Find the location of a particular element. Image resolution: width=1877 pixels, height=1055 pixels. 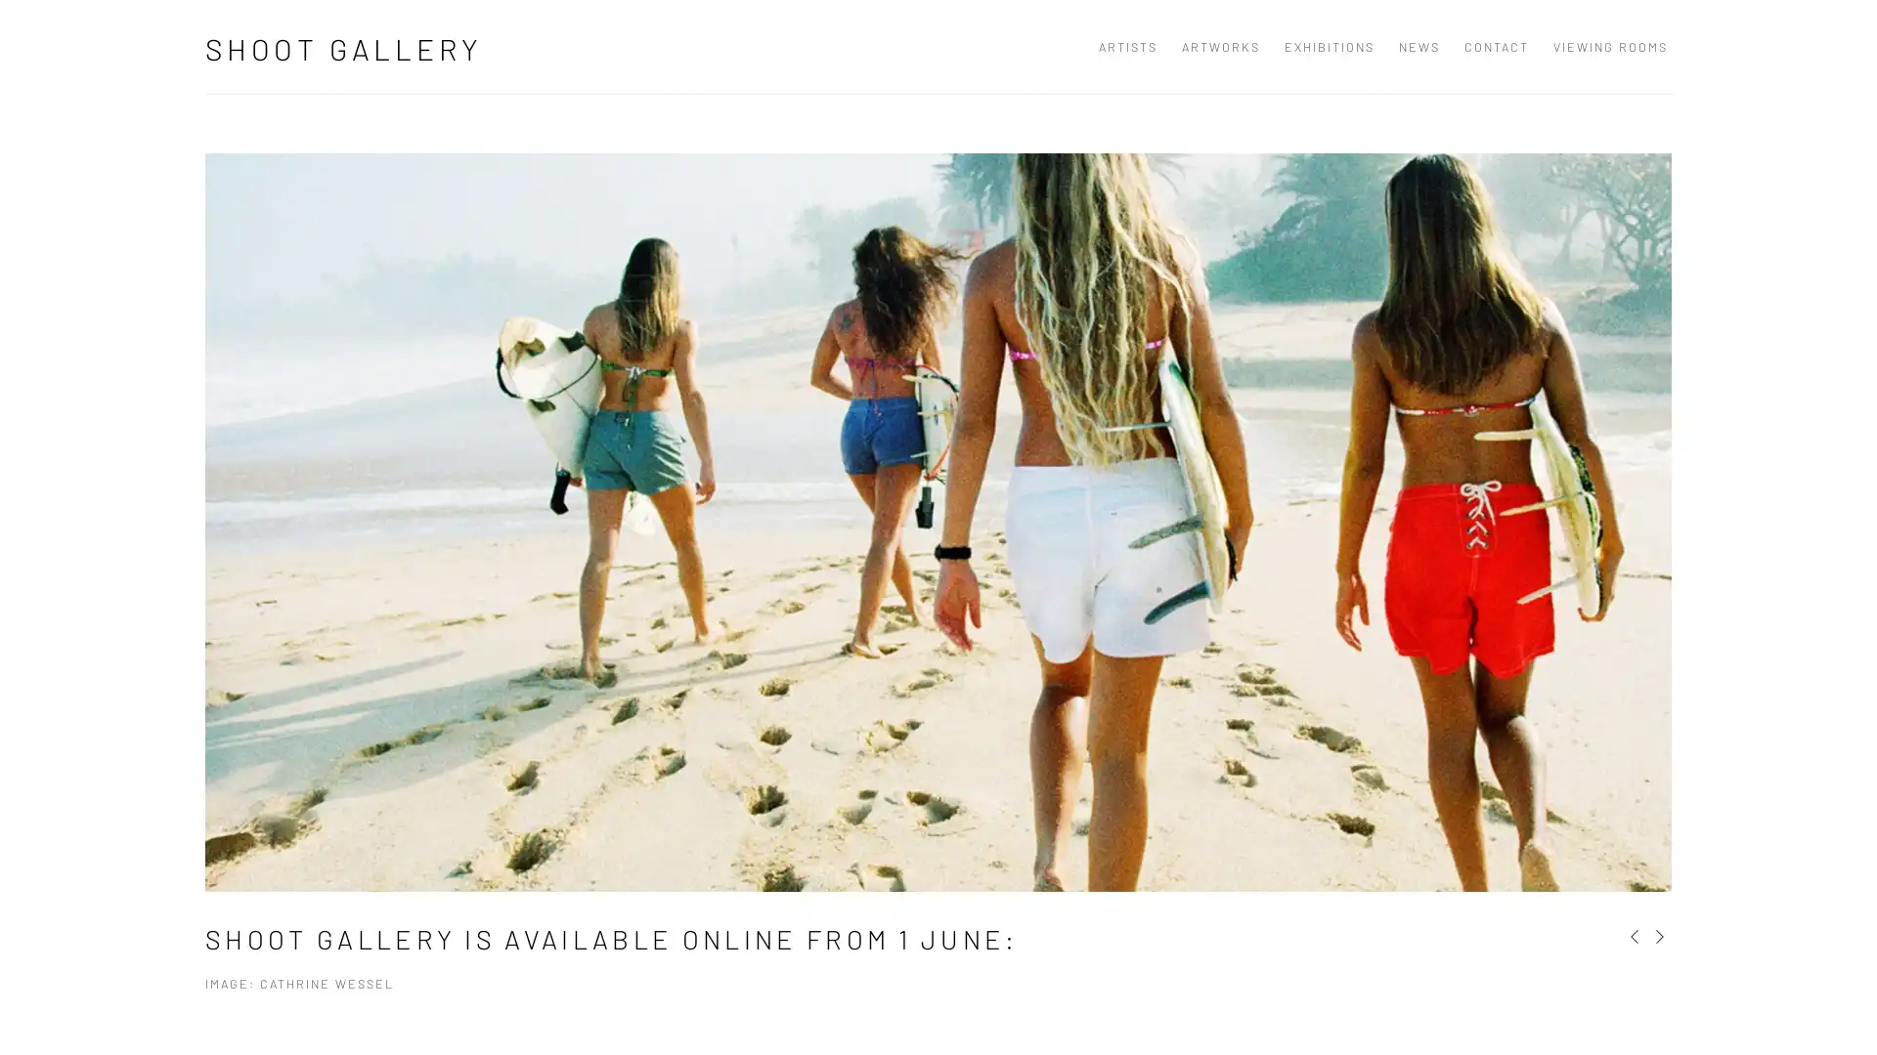

Next slide is located at coordinates (1658, 936).